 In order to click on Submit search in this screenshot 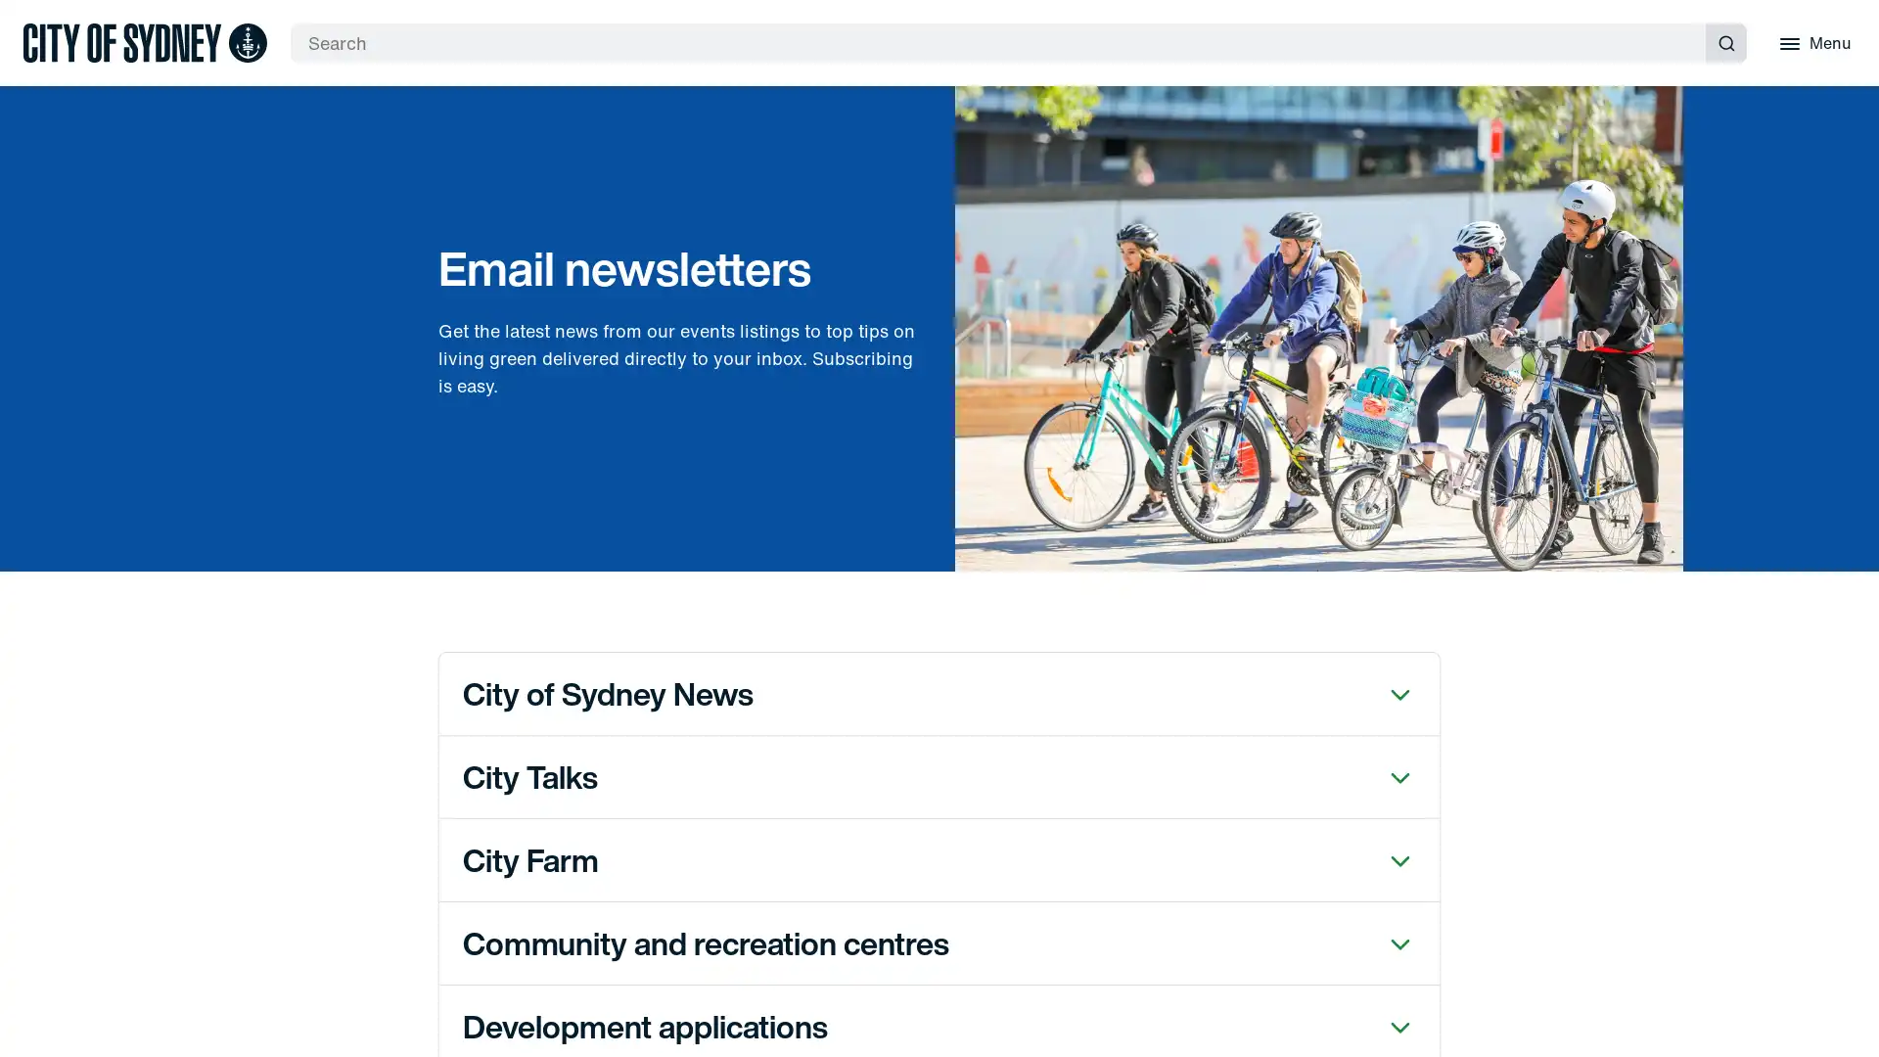, I will do `click(1725, 42)`.